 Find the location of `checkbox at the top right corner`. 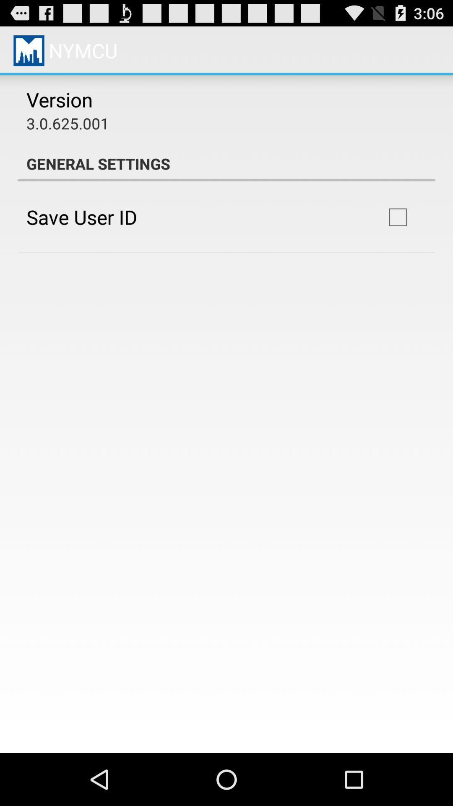

checkbox at the top right corner is located at coordinates (397, 217).